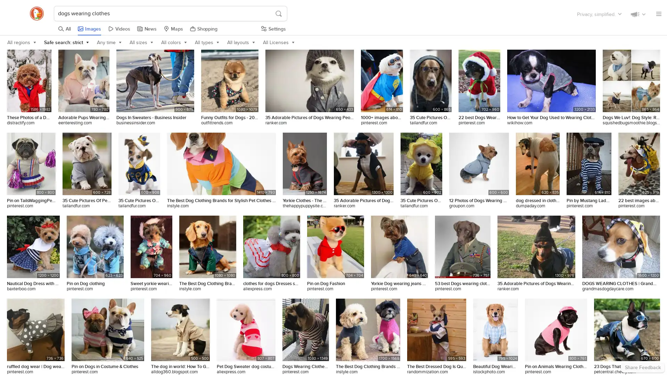  What do you see at coordinates (635, 14) in the screenshot?
I see `Keep in touch` at bounding box center [635, 14].